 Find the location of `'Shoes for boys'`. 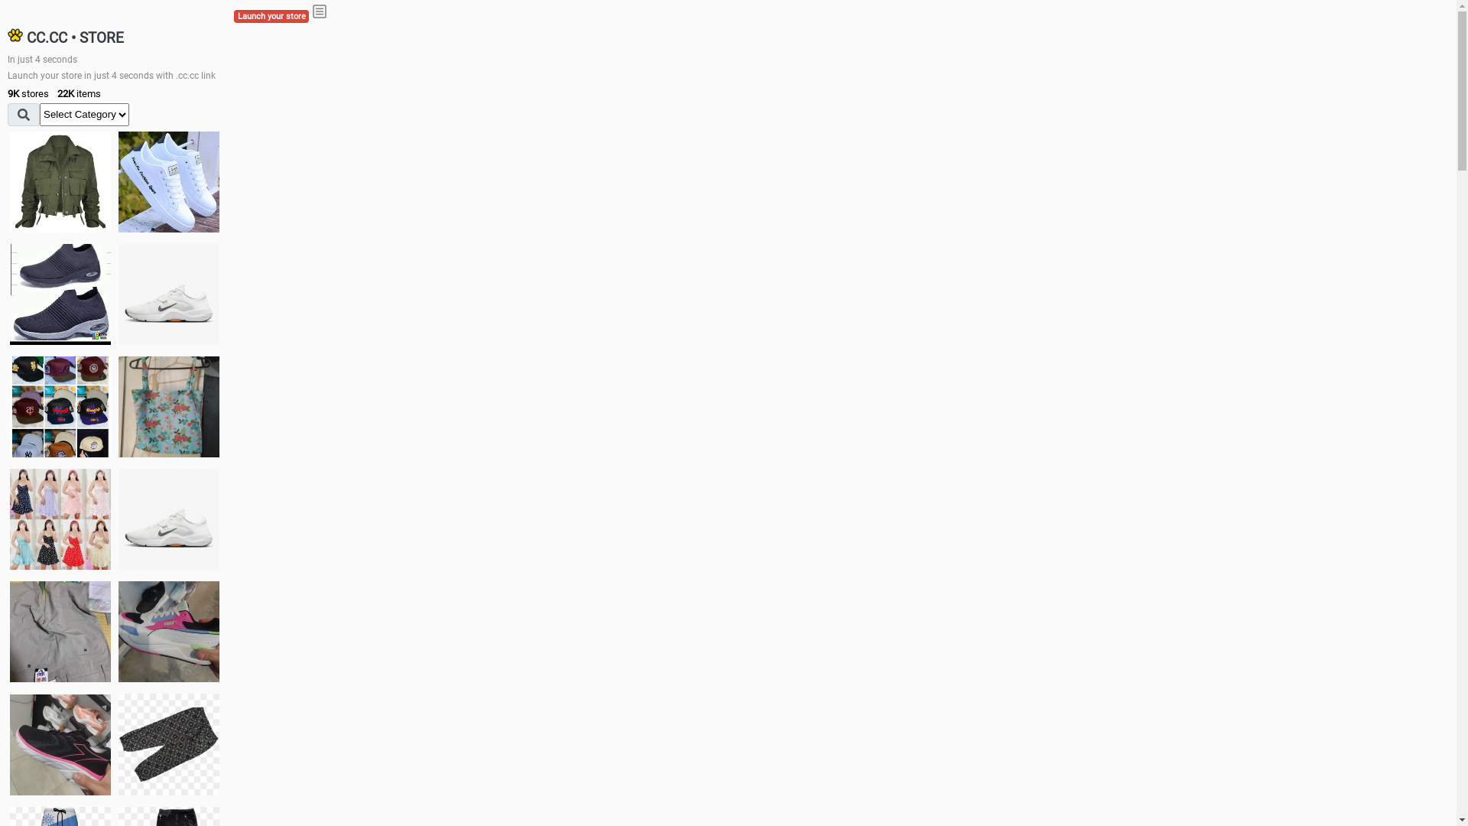

'Shoes for boys' is located at coordinates (168, 294).